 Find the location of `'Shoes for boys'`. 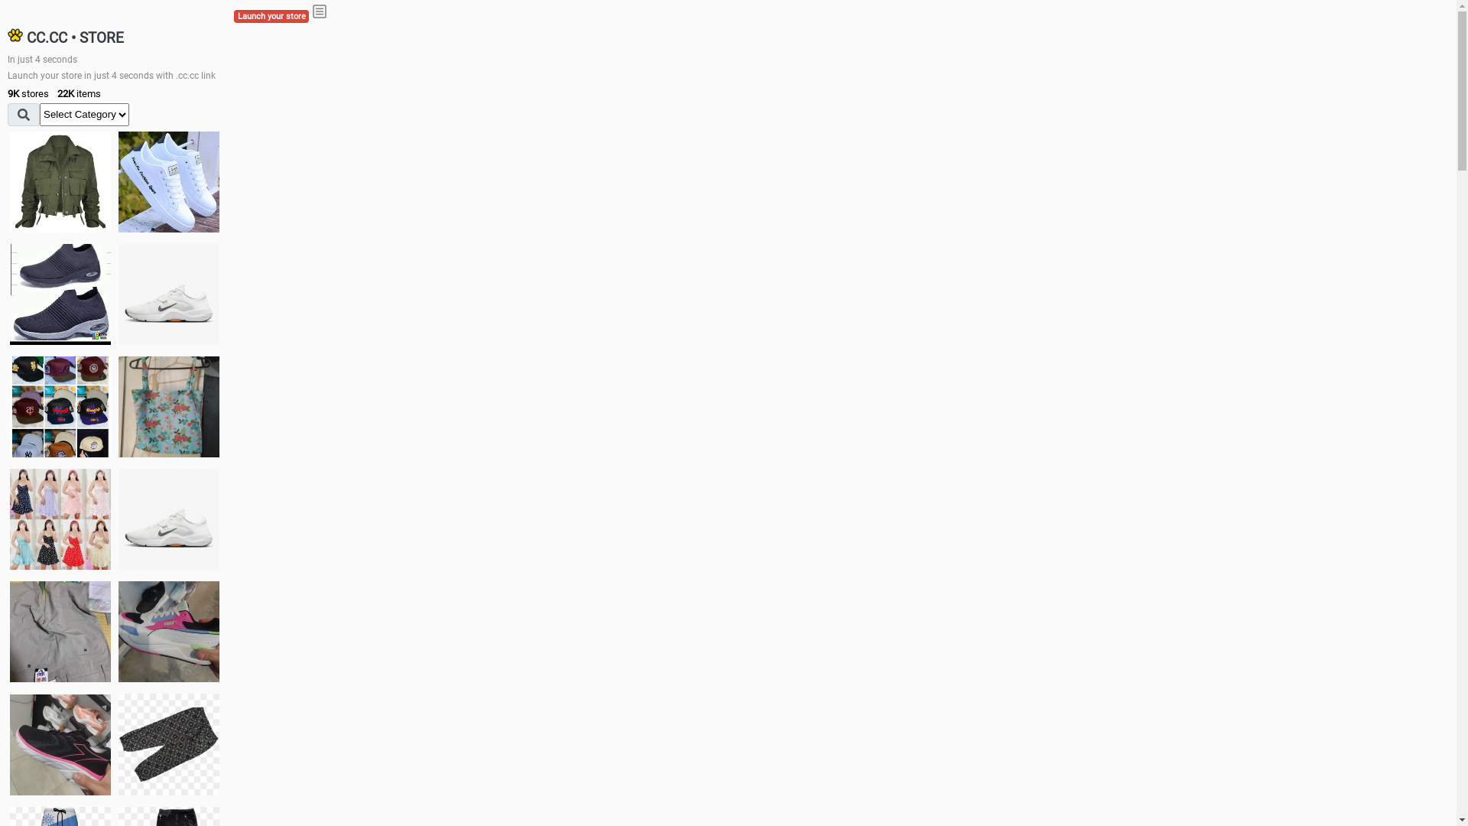

'Shoes for boys' is located at coordinates (168, 294).